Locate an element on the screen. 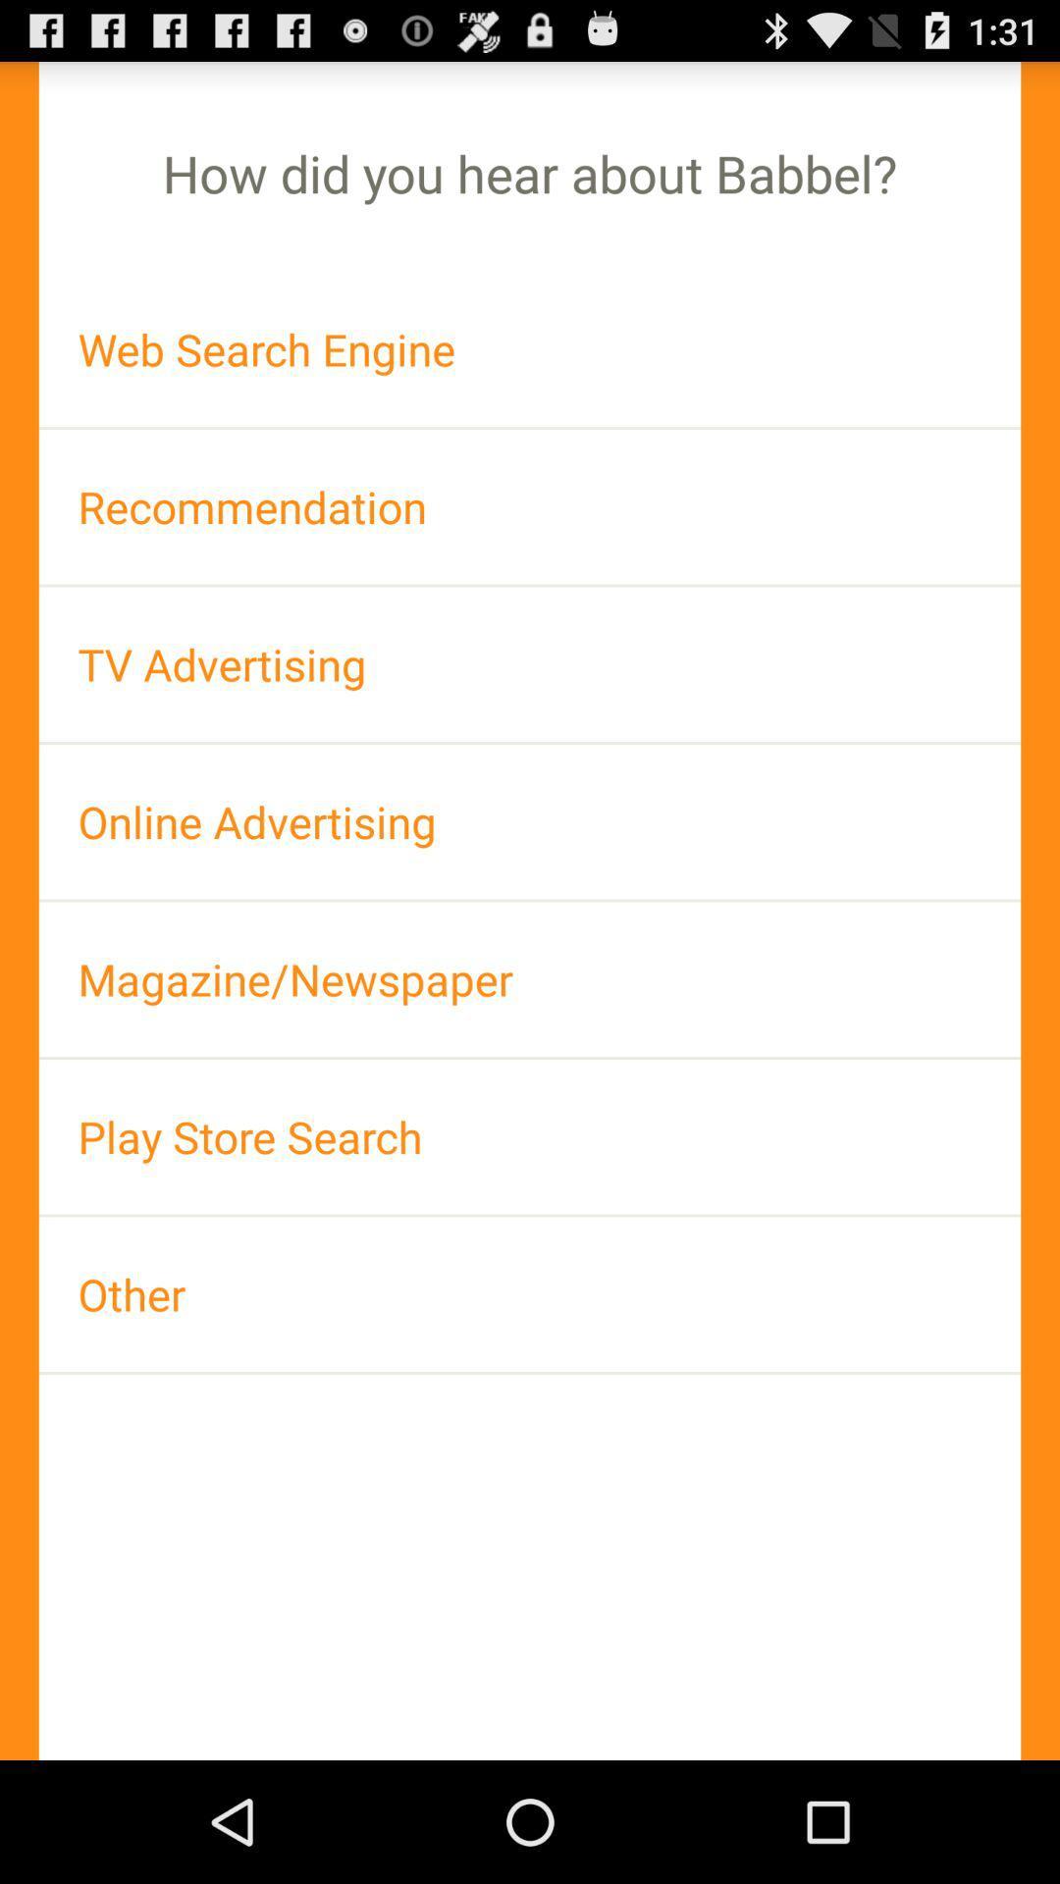 The image size is (1060, 1884). the online advertising item is located at coordinates (530, 821).